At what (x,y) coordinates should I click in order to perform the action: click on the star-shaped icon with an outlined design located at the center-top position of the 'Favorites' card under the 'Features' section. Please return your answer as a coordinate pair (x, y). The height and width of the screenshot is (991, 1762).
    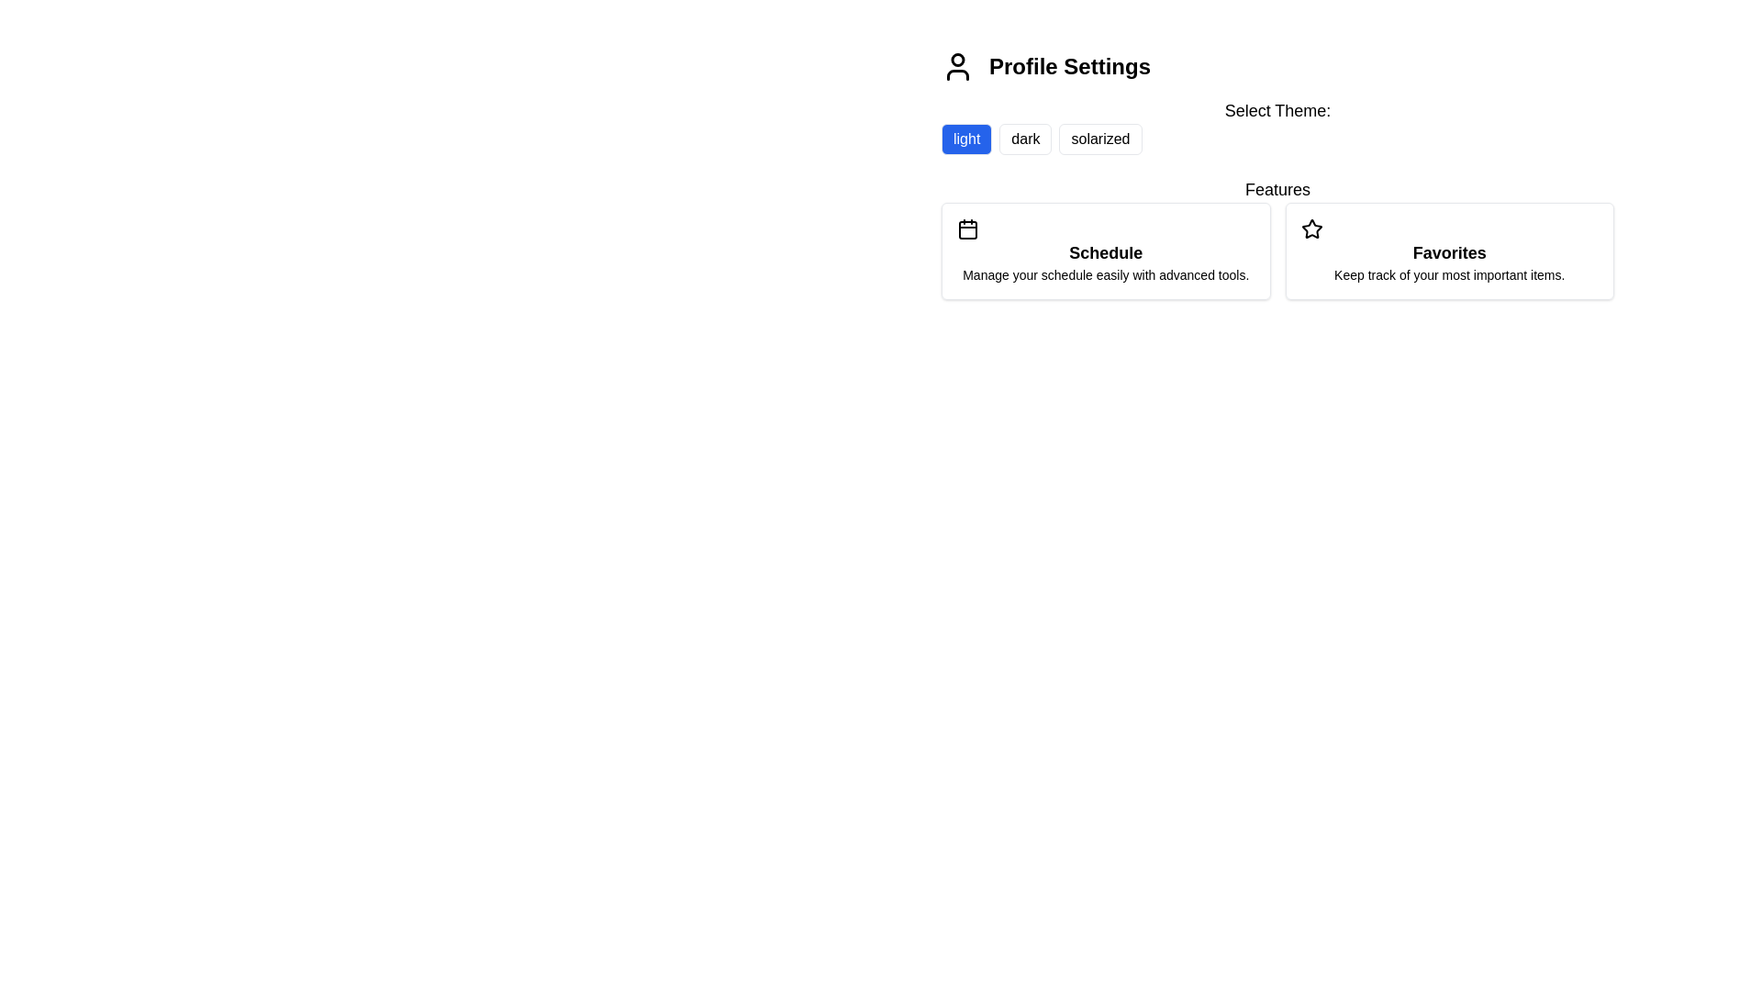
    Looking at the image, I should click on (1310, 228).